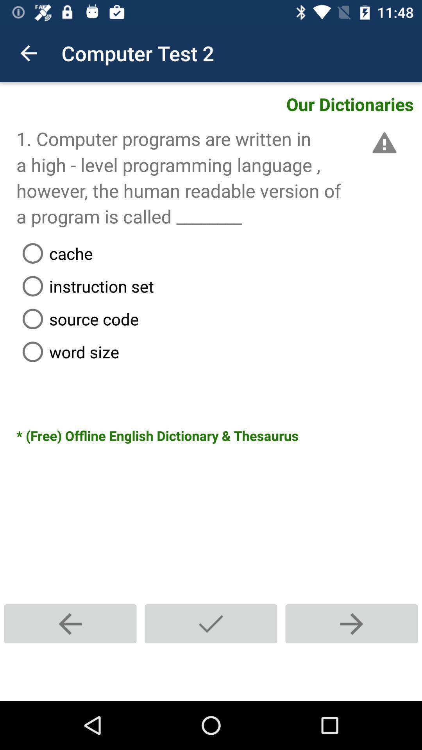  I want to click on confirm answer, so click(211, 623).